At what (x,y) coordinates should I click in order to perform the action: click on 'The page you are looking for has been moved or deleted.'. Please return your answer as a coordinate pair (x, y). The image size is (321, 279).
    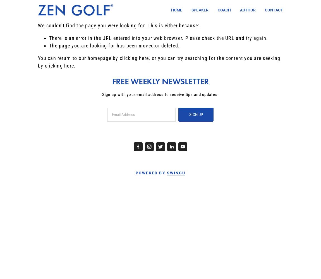
    Looking at the image, I should click on (114, 45).